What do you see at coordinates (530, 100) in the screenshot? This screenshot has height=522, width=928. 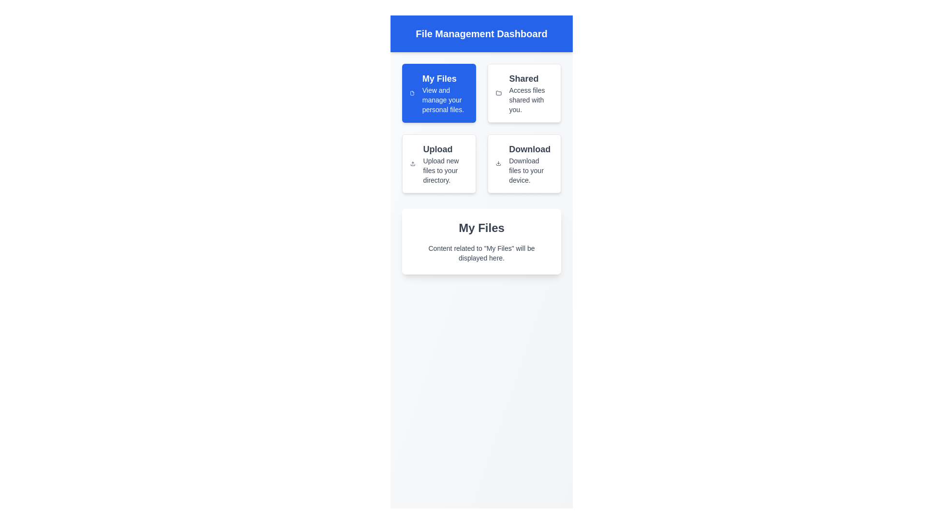 I see `the text label that says 'Access files shared with you.' located in the 'Shared' section, below the title 'Shared' and above 'Upload' and 'Download.'` at bounding box center [530, 100].